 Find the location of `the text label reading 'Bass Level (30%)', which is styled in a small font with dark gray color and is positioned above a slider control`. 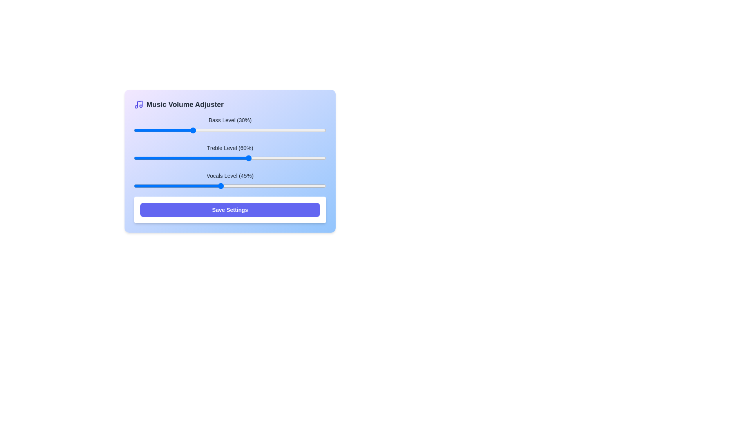

the text label reading 'Bass Level (30%)', which is styled in a small font with dark gray color and is positioned above a slider control is located at coordinates (230, 120).